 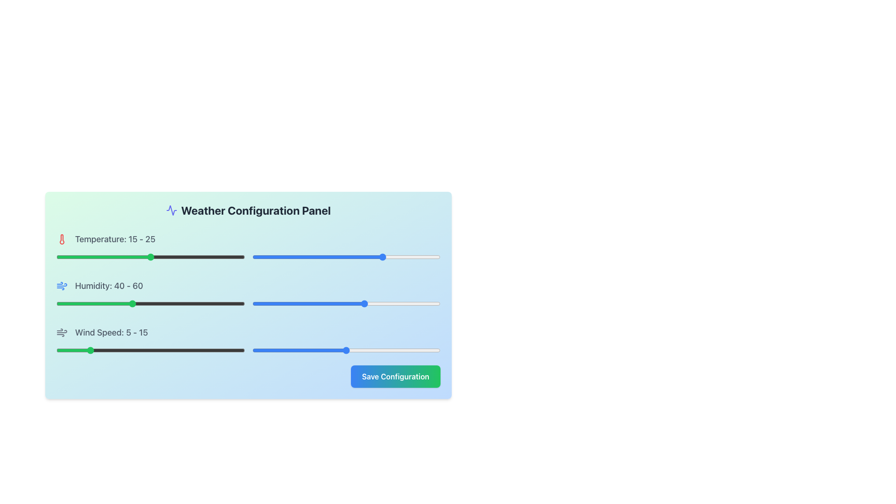 I want to click on the start value of the wind speed range, so click(x=119, y=350).